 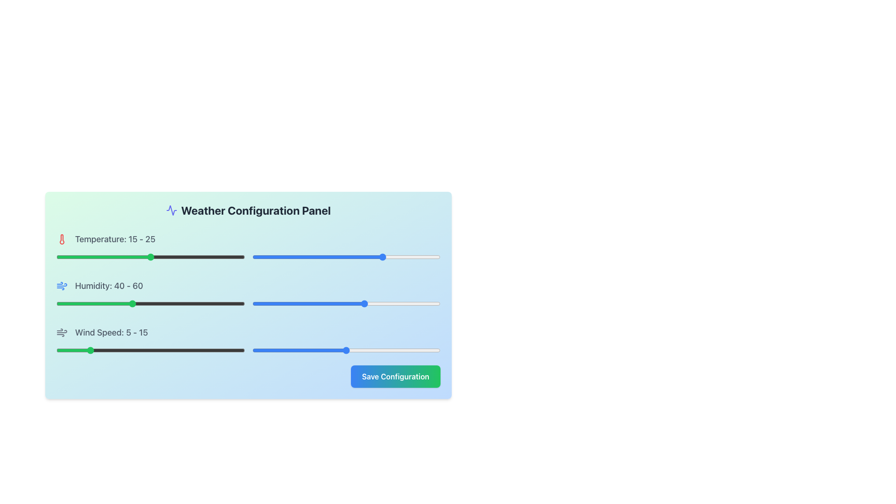 I want to click on the start value of the wind speed range, so click(x=119, y=350).